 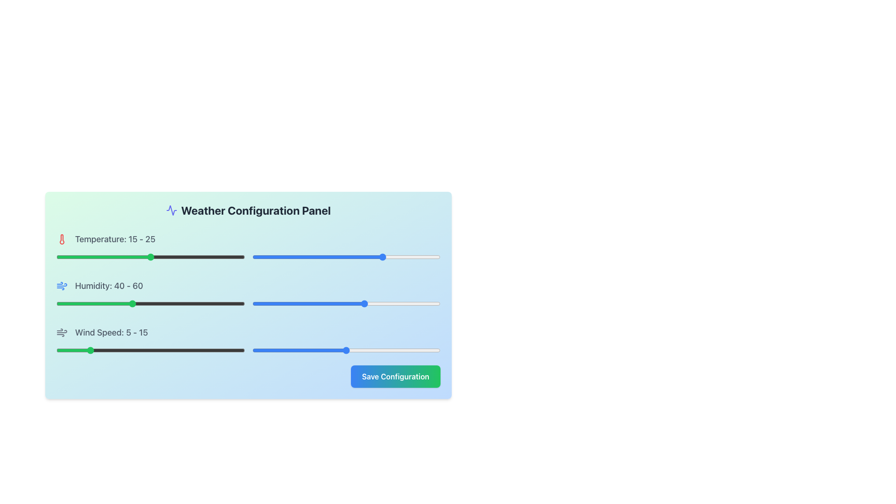 I want to click on the start value of the wind speed range, so click(x=119, y=350).